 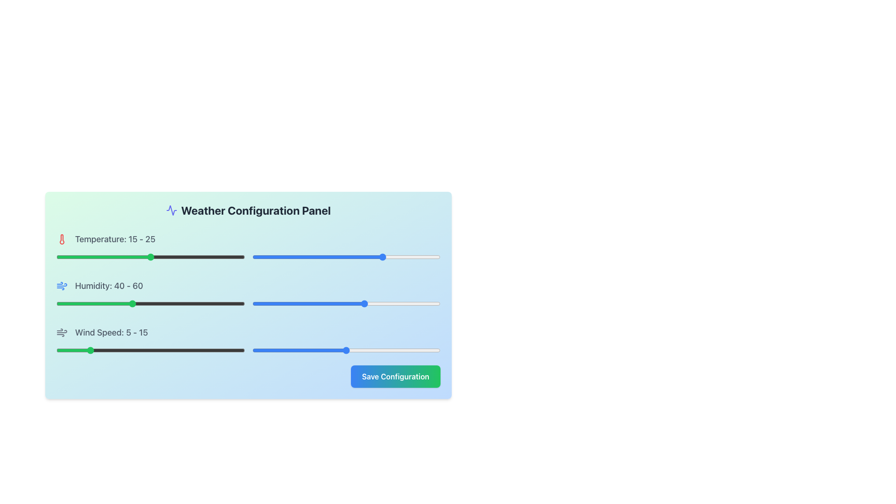 I want to click on the start value of the wind speed range, so click(x=119, y=350).